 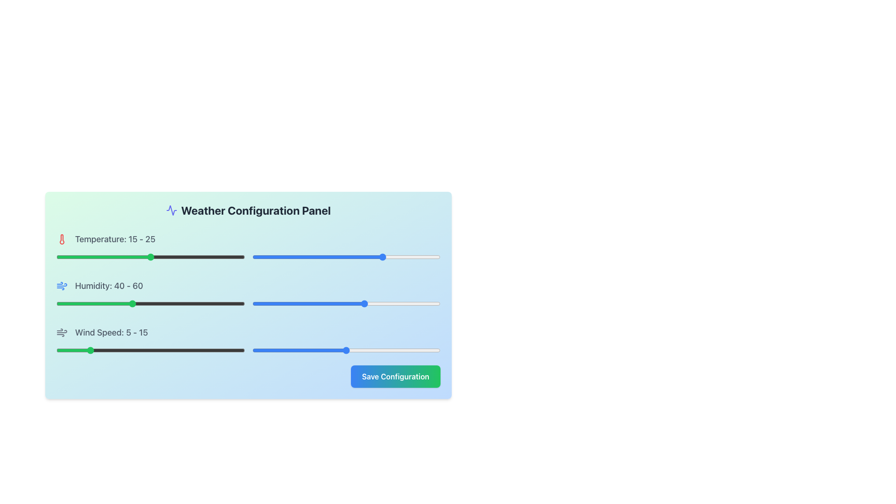 I want to click on the start value of the wind speed range, so click(x=119, y=350).